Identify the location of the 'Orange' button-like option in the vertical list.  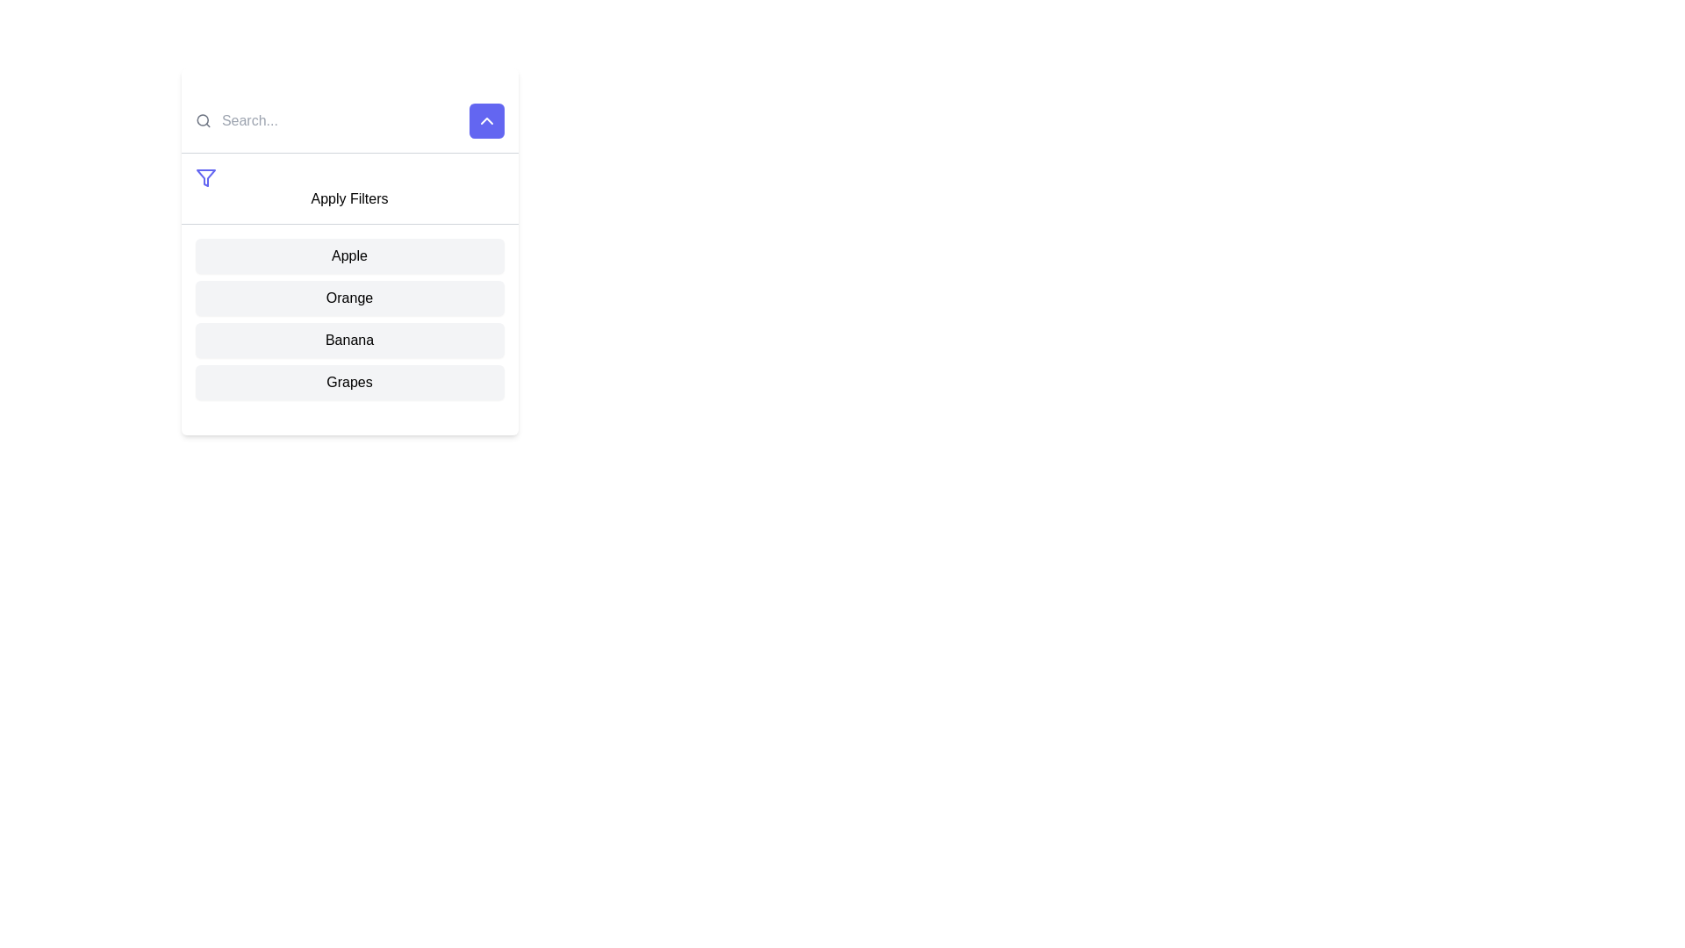
(349, 297).